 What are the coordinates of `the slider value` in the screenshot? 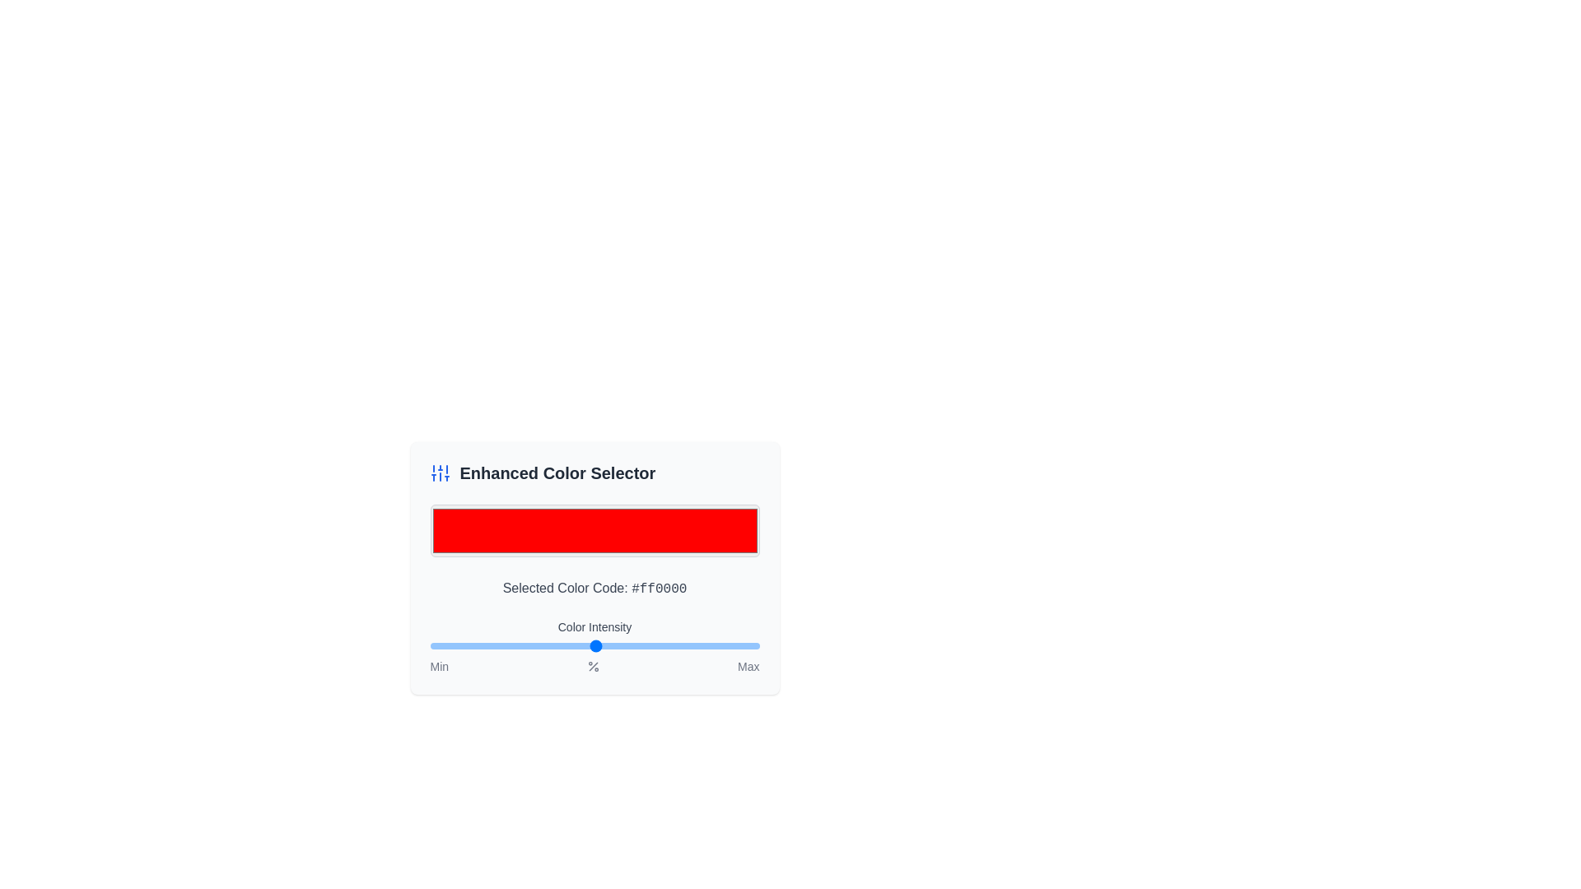 It's located at (479, 645).